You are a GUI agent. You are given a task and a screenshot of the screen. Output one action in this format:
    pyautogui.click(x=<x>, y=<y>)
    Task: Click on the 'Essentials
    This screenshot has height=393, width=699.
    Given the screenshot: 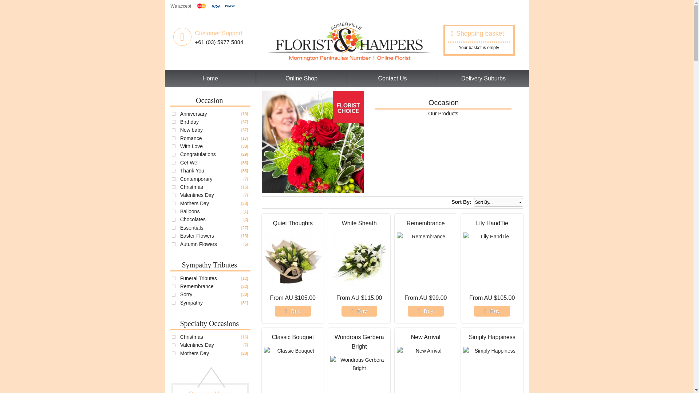 What is the action you would take?
    pyautogui.click(x=180, y=227)
    